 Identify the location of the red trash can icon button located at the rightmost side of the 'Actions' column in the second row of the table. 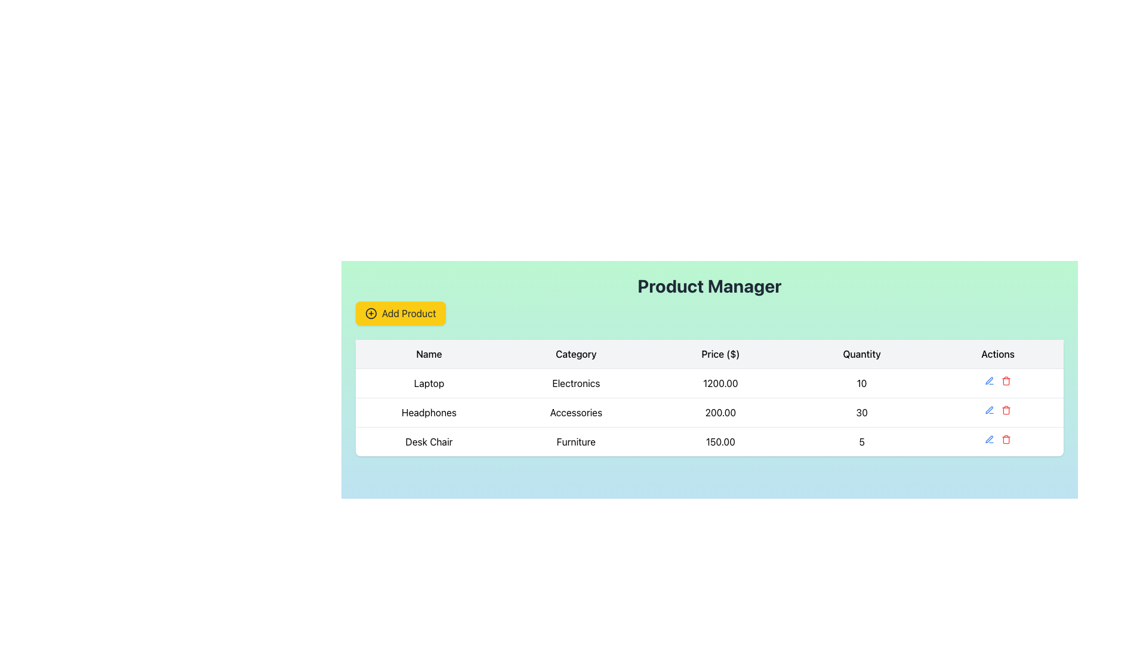
(1006, 409).